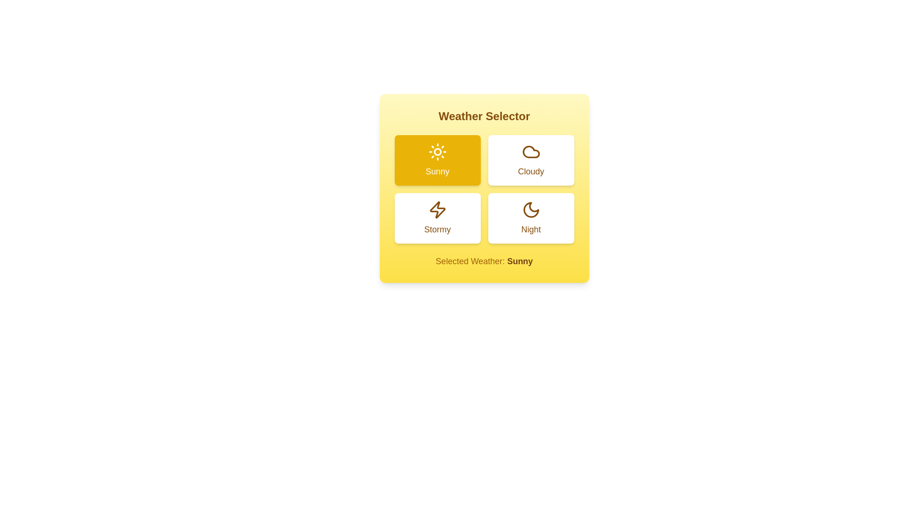 Image resolution: width=898 pixels, height=505 pixels. I want to click on the weather option Cloudy by clicking its corresponding button, so click(531, 160).